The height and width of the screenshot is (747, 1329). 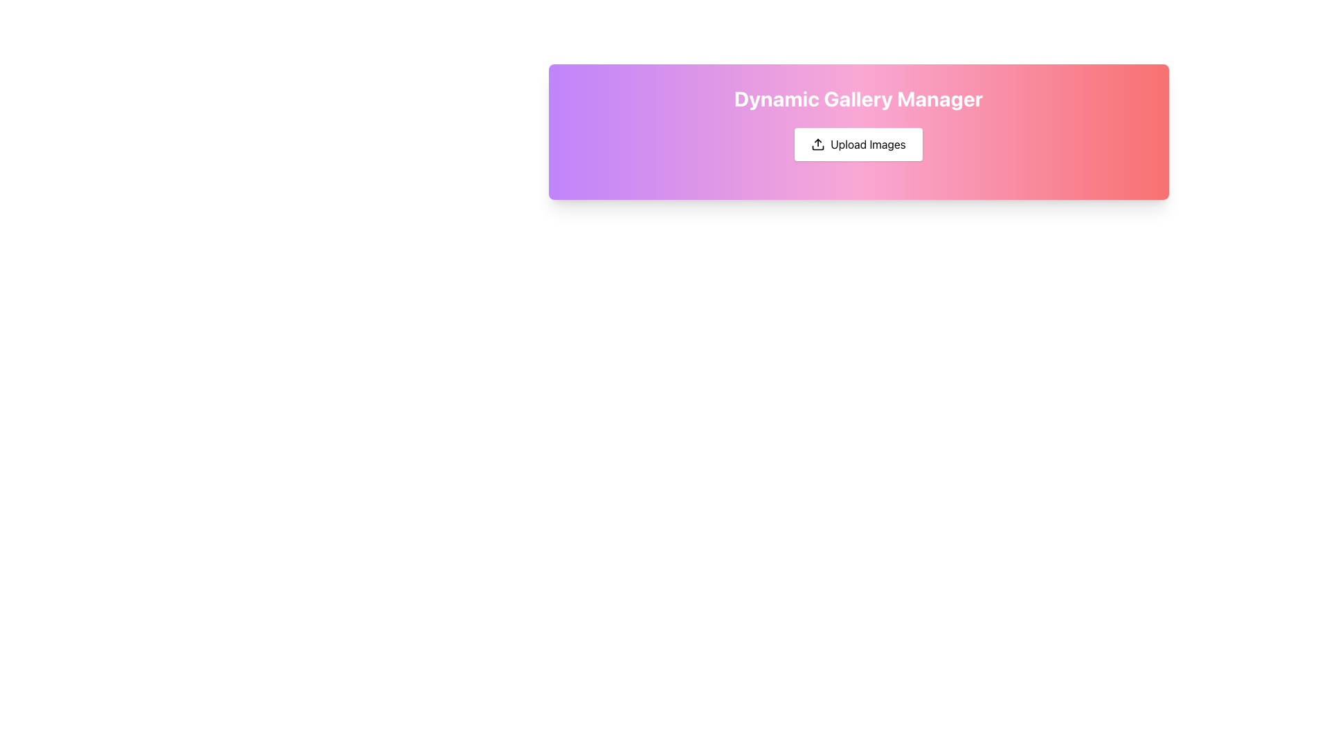 What do you see at coordinates (858, 144) in the screenshot?
I see `the upload button located beneath the 'Dynamic Gallery Manager' header` at bounding box center [858, 144].